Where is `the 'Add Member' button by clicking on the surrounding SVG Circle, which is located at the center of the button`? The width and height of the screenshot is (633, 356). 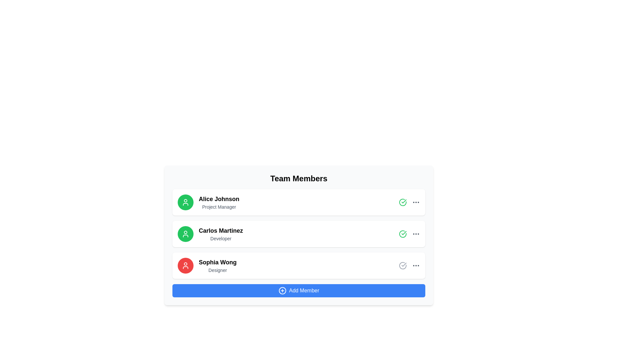
the 'Add Member' button by clicking on the surrounding SVG Circle, which is located at the center of the button is located at coordinates (282, 290).